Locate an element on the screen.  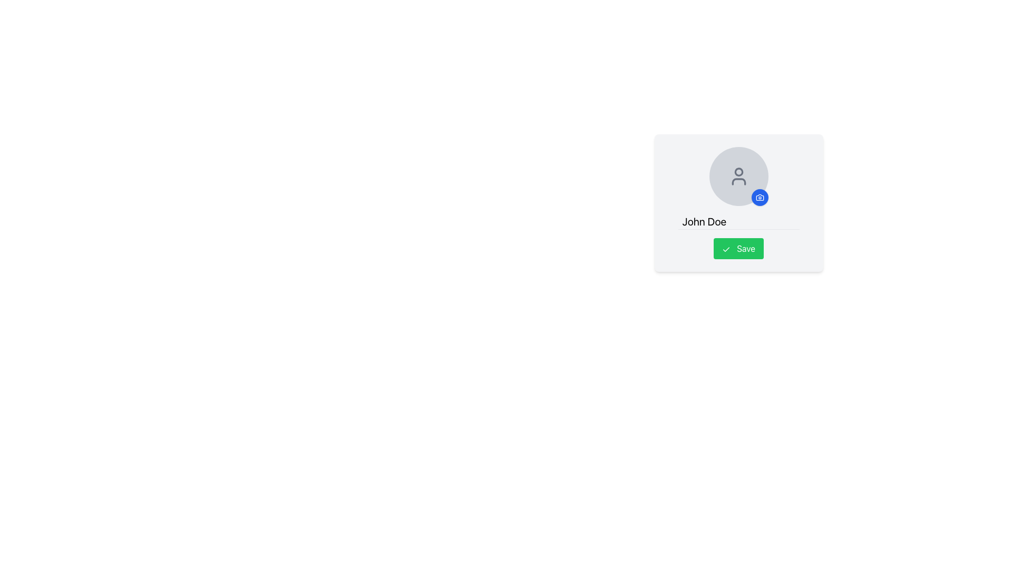
the 'Edit Profile Picture' icon button located inside a blue circular button at the bottom-right of the profile picture/avatar is located at coordinates (760, 197).